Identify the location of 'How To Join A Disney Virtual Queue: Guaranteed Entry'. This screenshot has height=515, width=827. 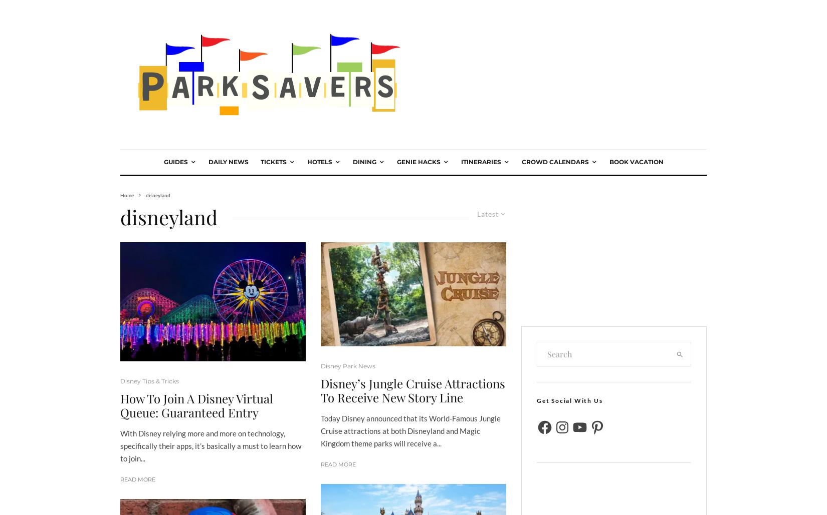
(196, 404).